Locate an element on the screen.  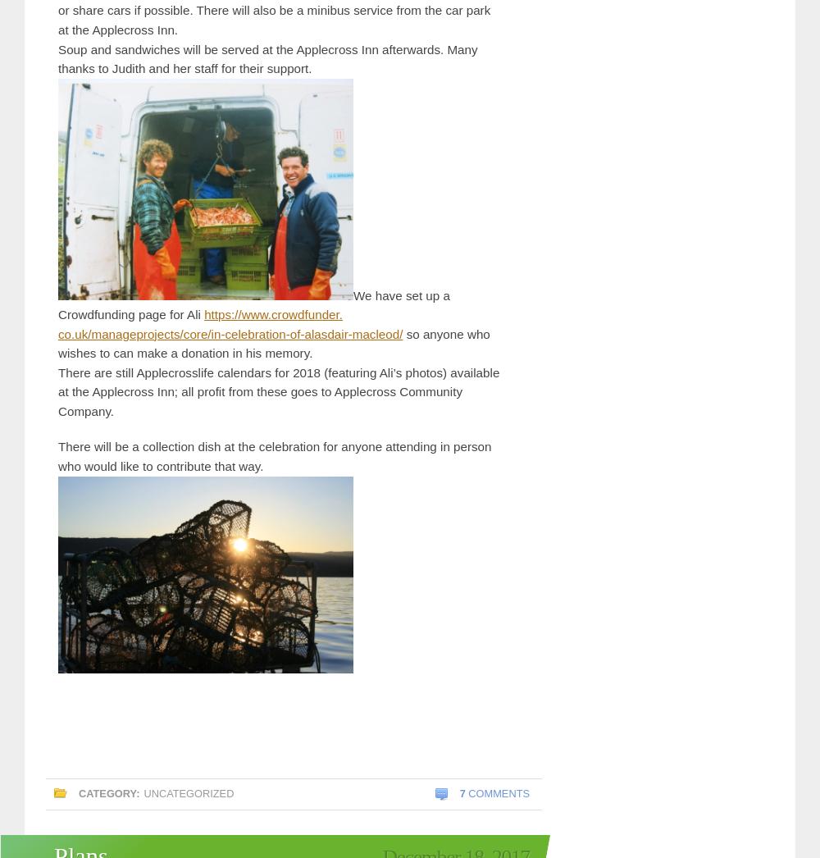
'Category:' is located at coordinates (109, 792).